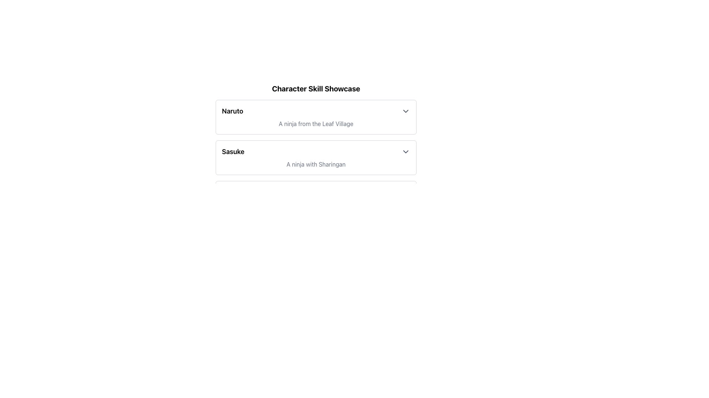 The width and height of the screenshot is (709, 398). What do you see at coordinates (316, 151) in the screenshot?
I see `the dropdown header for the character 'Sasuke' to enable keyboard navigation` at bounding box center [316, 151].